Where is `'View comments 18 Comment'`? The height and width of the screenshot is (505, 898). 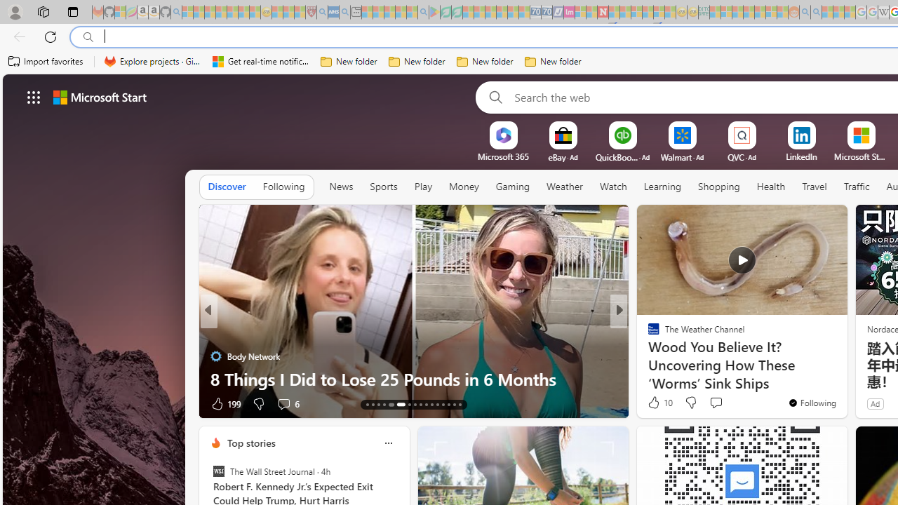
'View comments 18 Comment' is located at coordinates (722, 403).